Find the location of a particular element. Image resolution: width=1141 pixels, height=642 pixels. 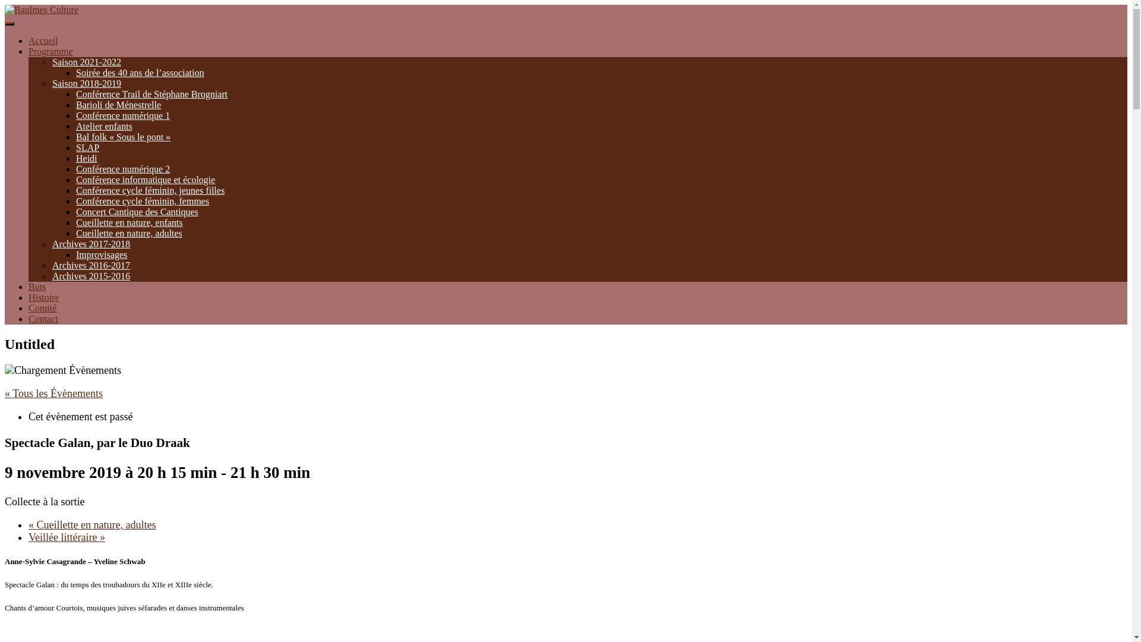

'Archives 2015-2016' is located at coordinates (90, 276).